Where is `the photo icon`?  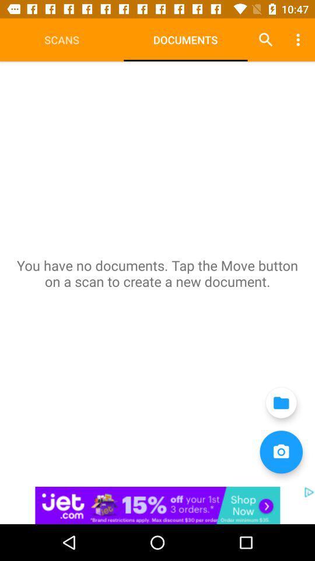
the photo icon is located at coordinates (281, 451).